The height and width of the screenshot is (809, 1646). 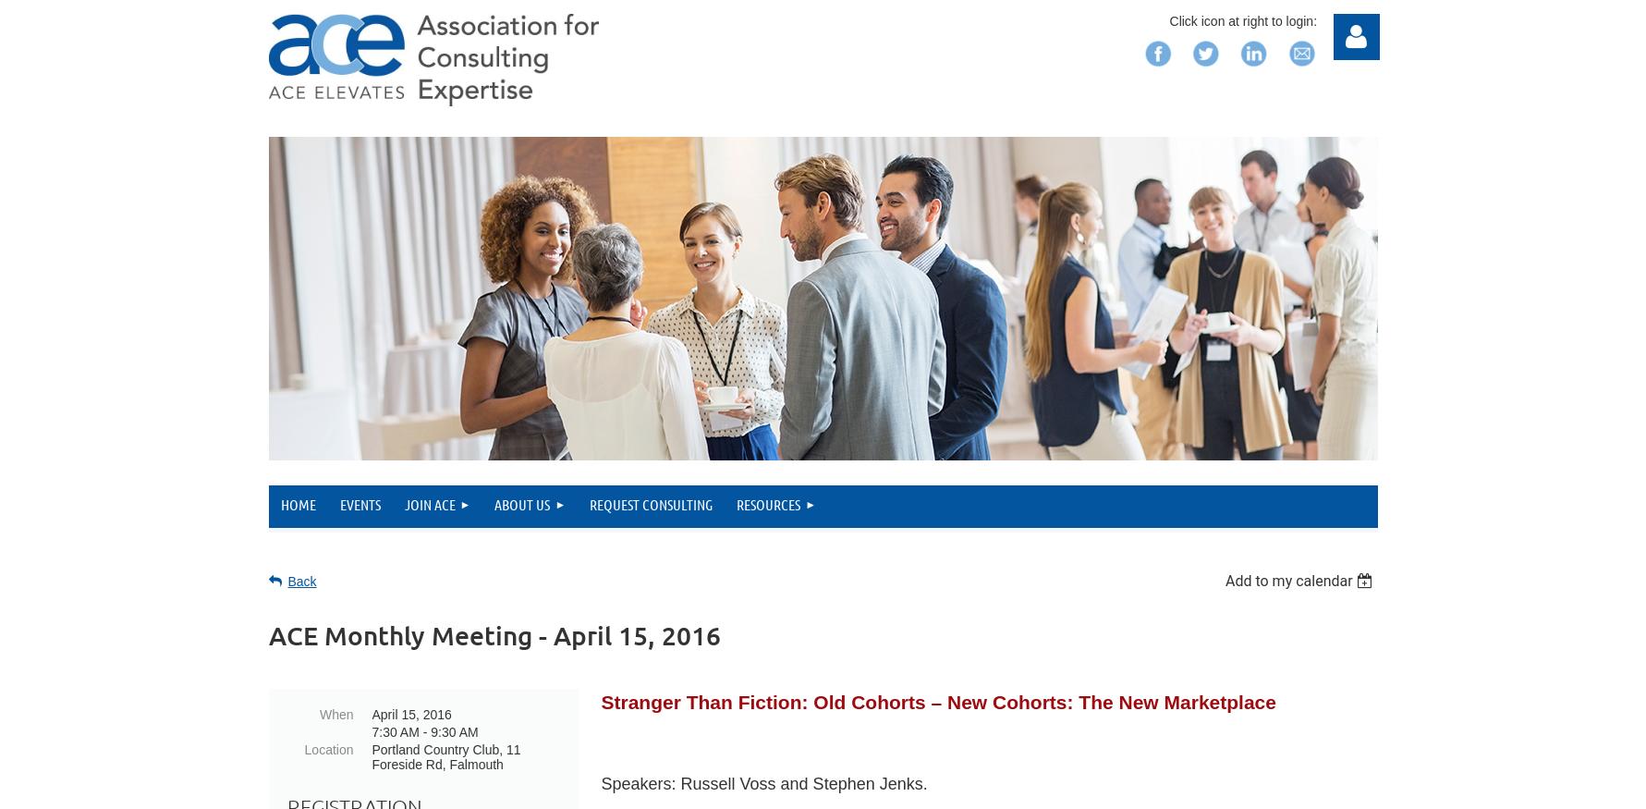 I want to click on 'Events', so click(x=359, y=503).